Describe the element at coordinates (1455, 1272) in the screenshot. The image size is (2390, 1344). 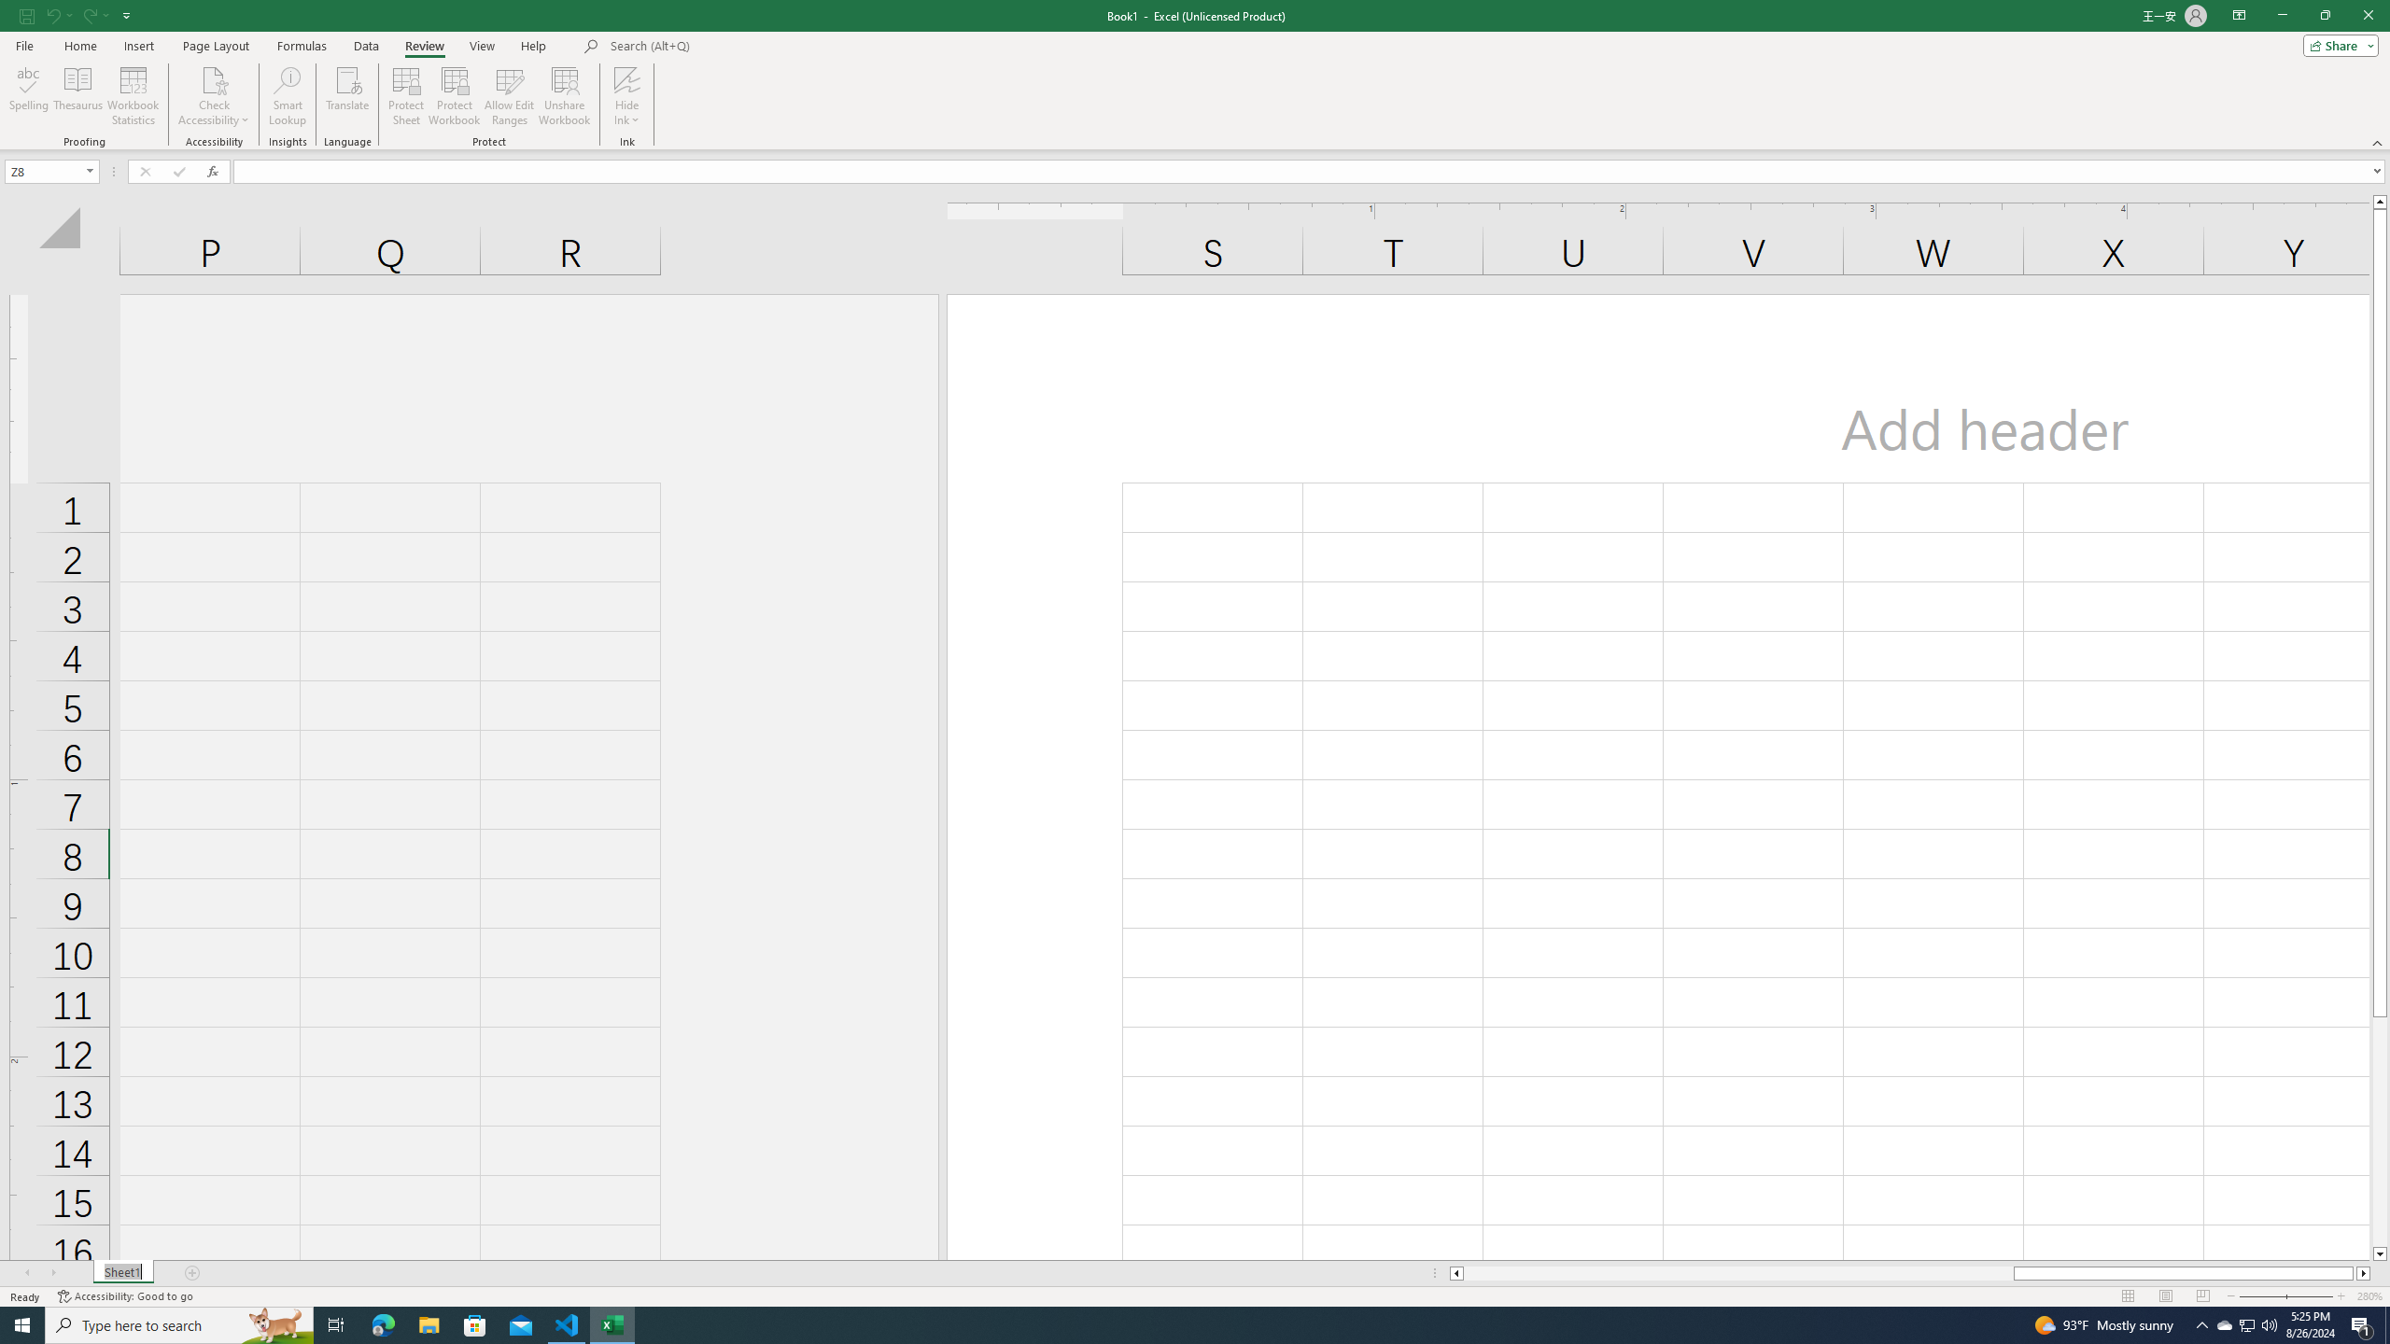
I see `'Column left'` at that location.